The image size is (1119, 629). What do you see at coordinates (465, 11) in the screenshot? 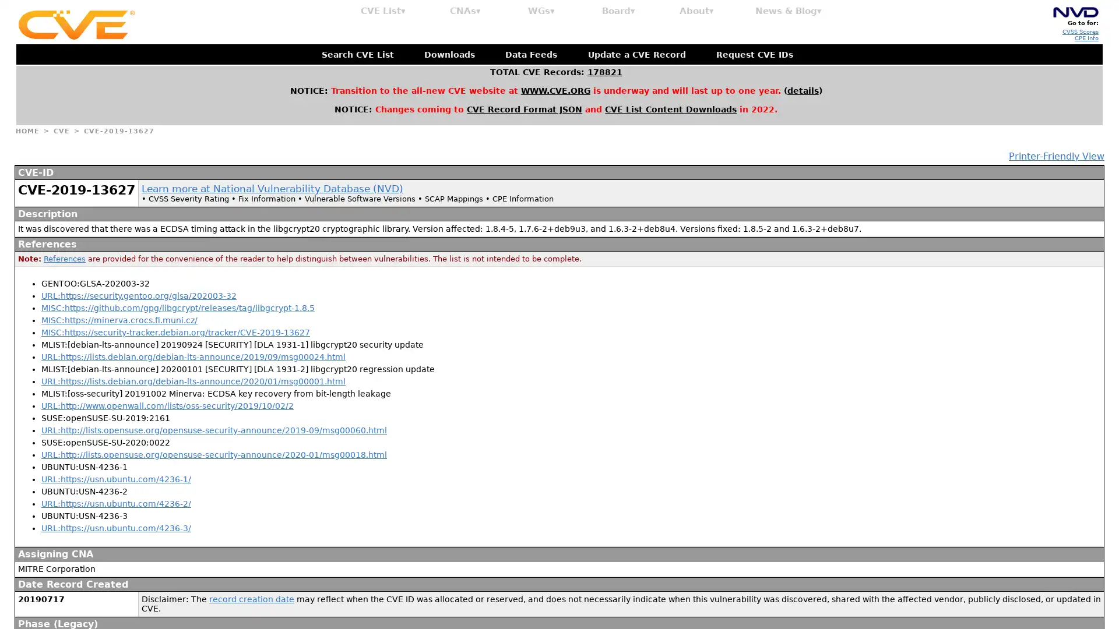
I see `CNAs` at bounding box center [465, 11].